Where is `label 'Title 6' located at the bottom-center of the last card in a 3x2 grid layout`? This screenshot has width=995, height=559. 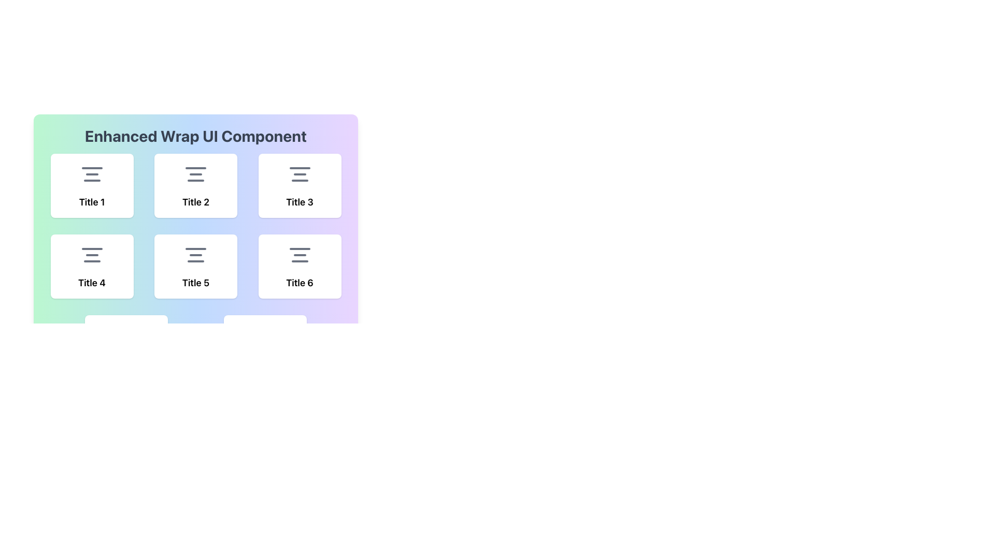
label 'Title 6' located at the bottom-center of the last card in a 3x2 grid layout is located at coordinates (299, 283).